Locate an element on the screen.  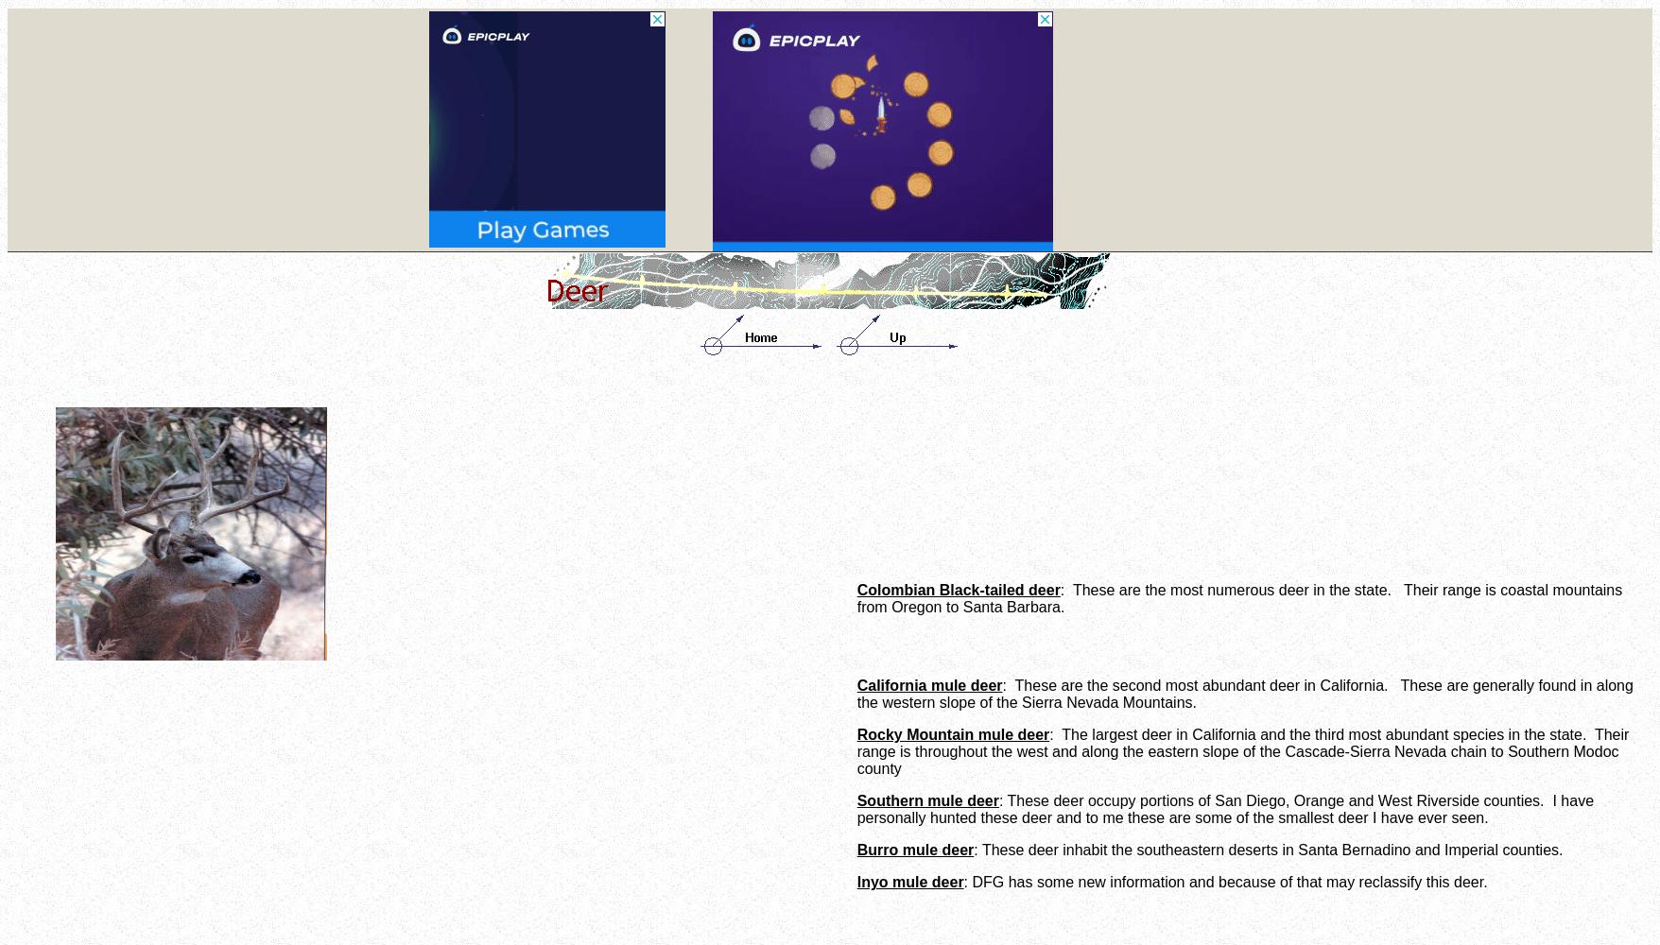
'Inyo mule deer' is located at coordinates (909, 882).